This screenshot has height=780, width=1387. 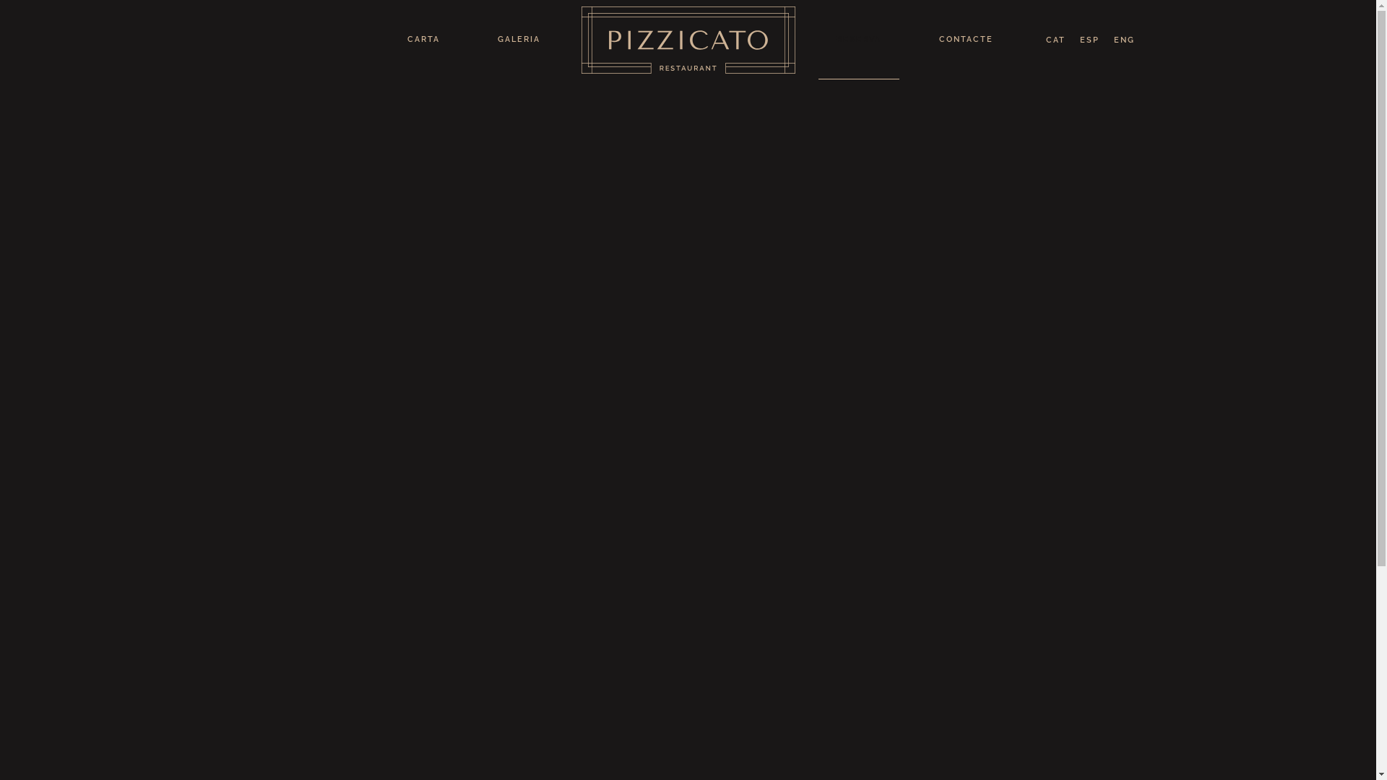 What do you see at coordinates (858, 38) in the screenshot?
I see `'RESERVA'` at bounding box center [858, 38].